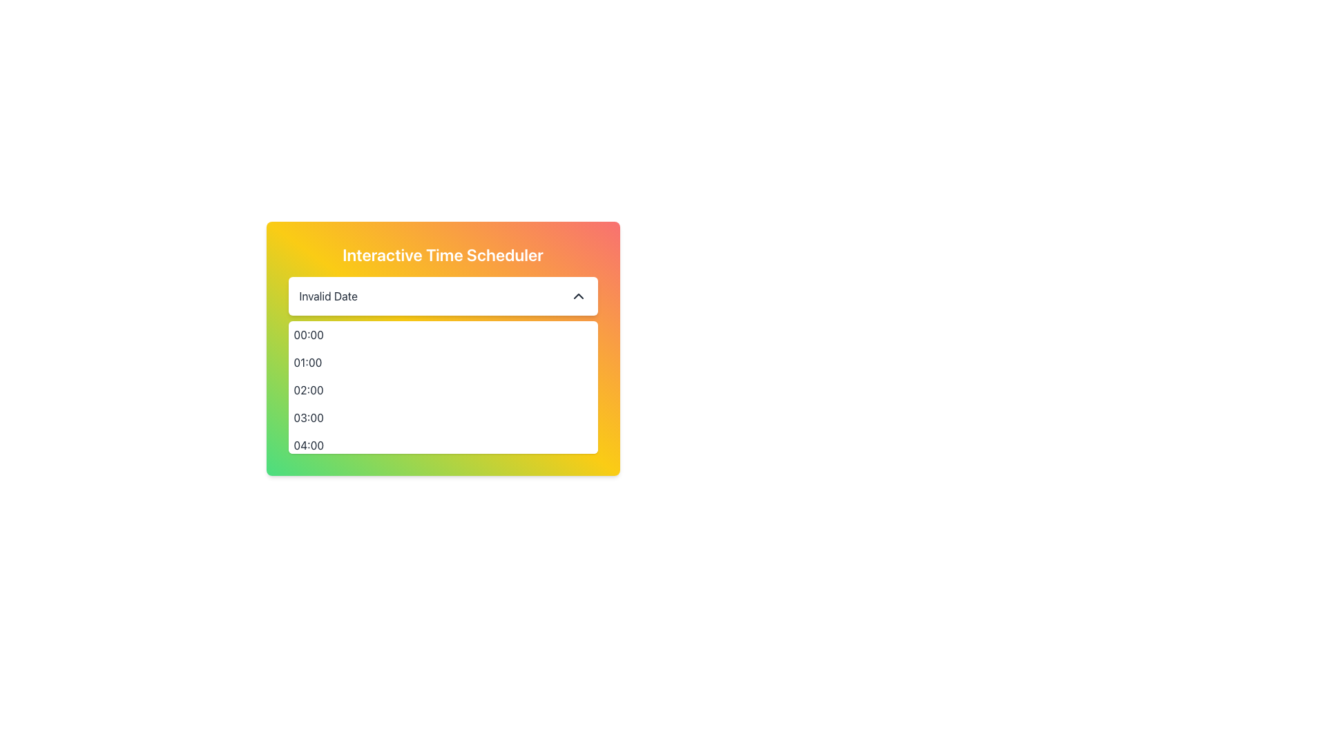 This screenshot has height=746, width=1326. What do you see at coordinates (443, 417) in the screenshot?
I see `the List Item displaying '03:00'` at bounding box center [443, 417].